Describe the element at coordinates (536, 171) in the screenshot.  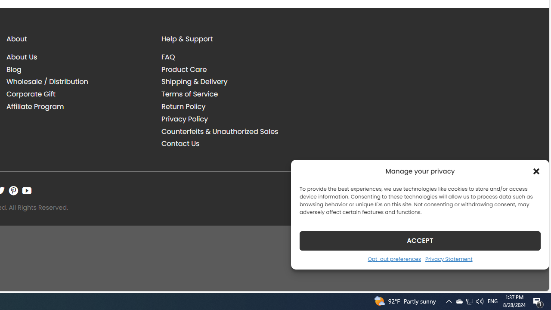
I see `'Class: cmplz-close'` at that location.